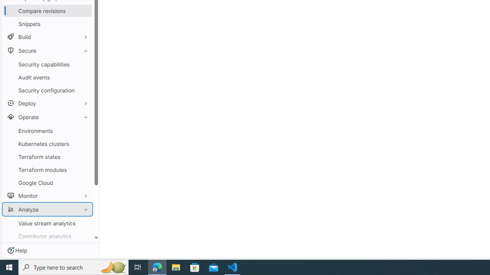 The image size is (490, 275). I want to click on 'Build', so click(47, 37).